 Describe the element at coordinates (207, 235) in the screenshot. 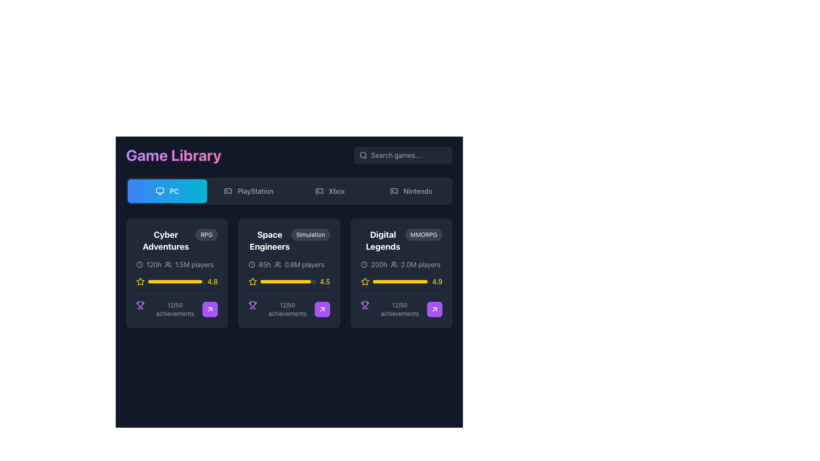

I see `genre label indicating the type of game for 'Cyber Adventures', located at the upper-right corner of the game card` at that location.